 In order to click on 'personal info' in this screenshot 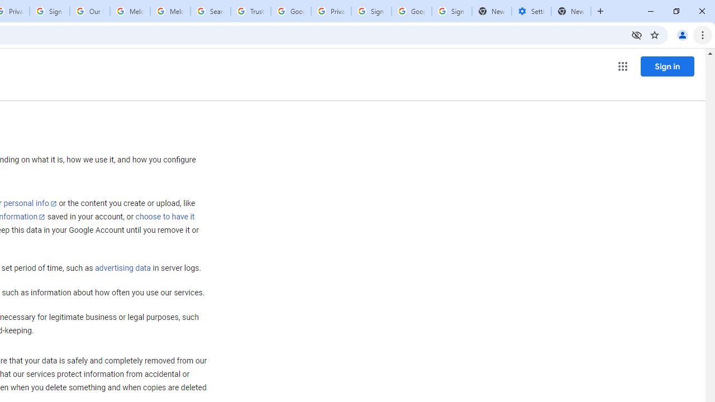, I will do `click(30, 203)`.